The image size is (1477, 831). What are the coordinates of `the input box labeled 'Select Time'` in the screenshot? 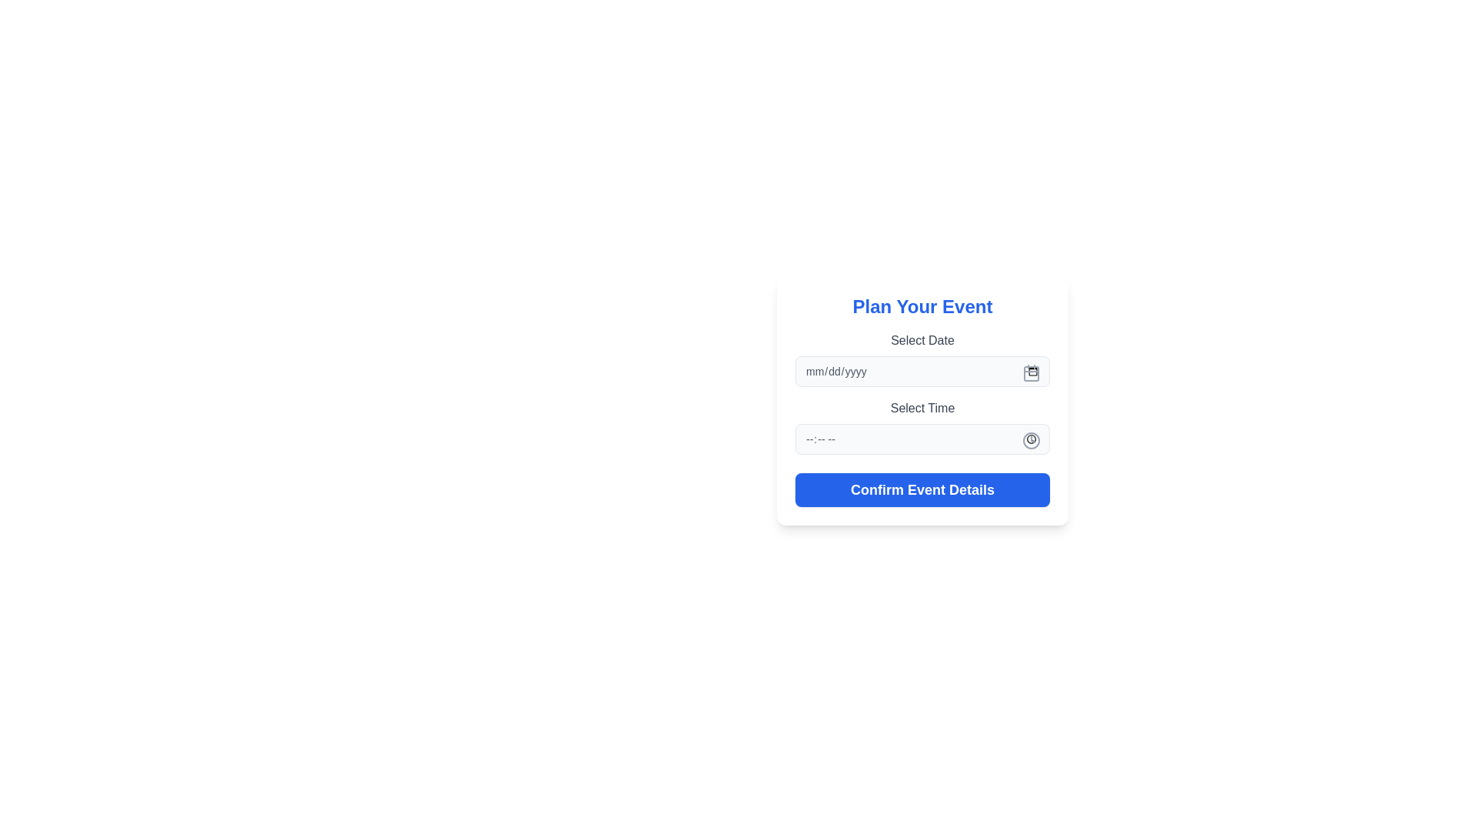 It's located at (922, 427).